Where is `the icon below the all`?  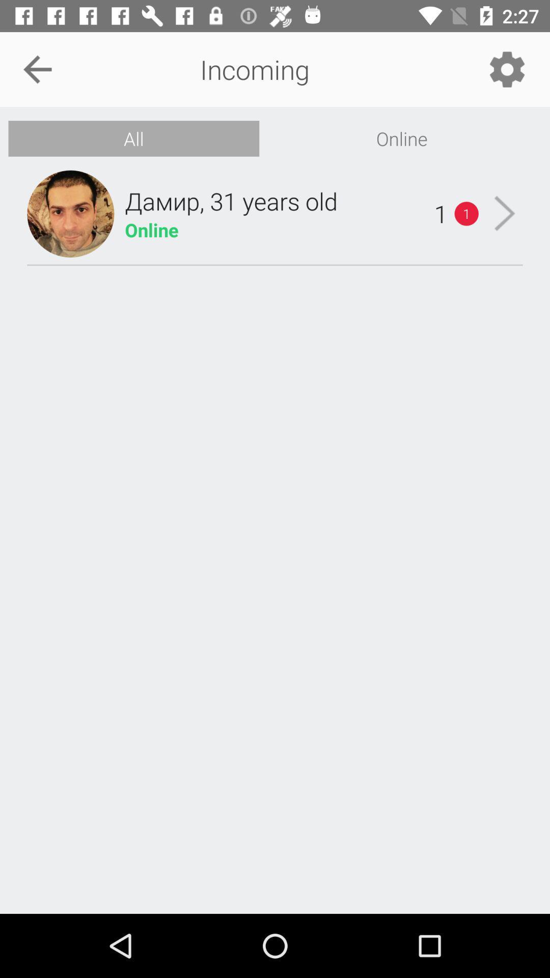 the icon below the all is located at coordinates (70, 213).